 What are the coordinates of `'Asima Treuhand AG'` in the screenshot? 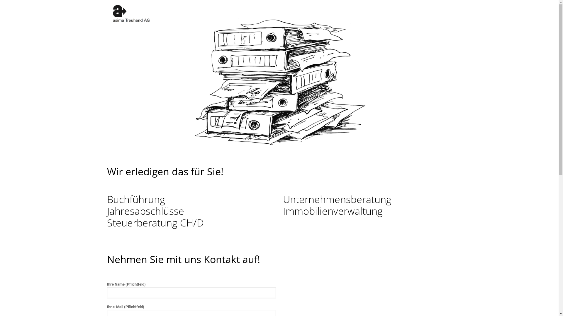 It's located at (130, 13).